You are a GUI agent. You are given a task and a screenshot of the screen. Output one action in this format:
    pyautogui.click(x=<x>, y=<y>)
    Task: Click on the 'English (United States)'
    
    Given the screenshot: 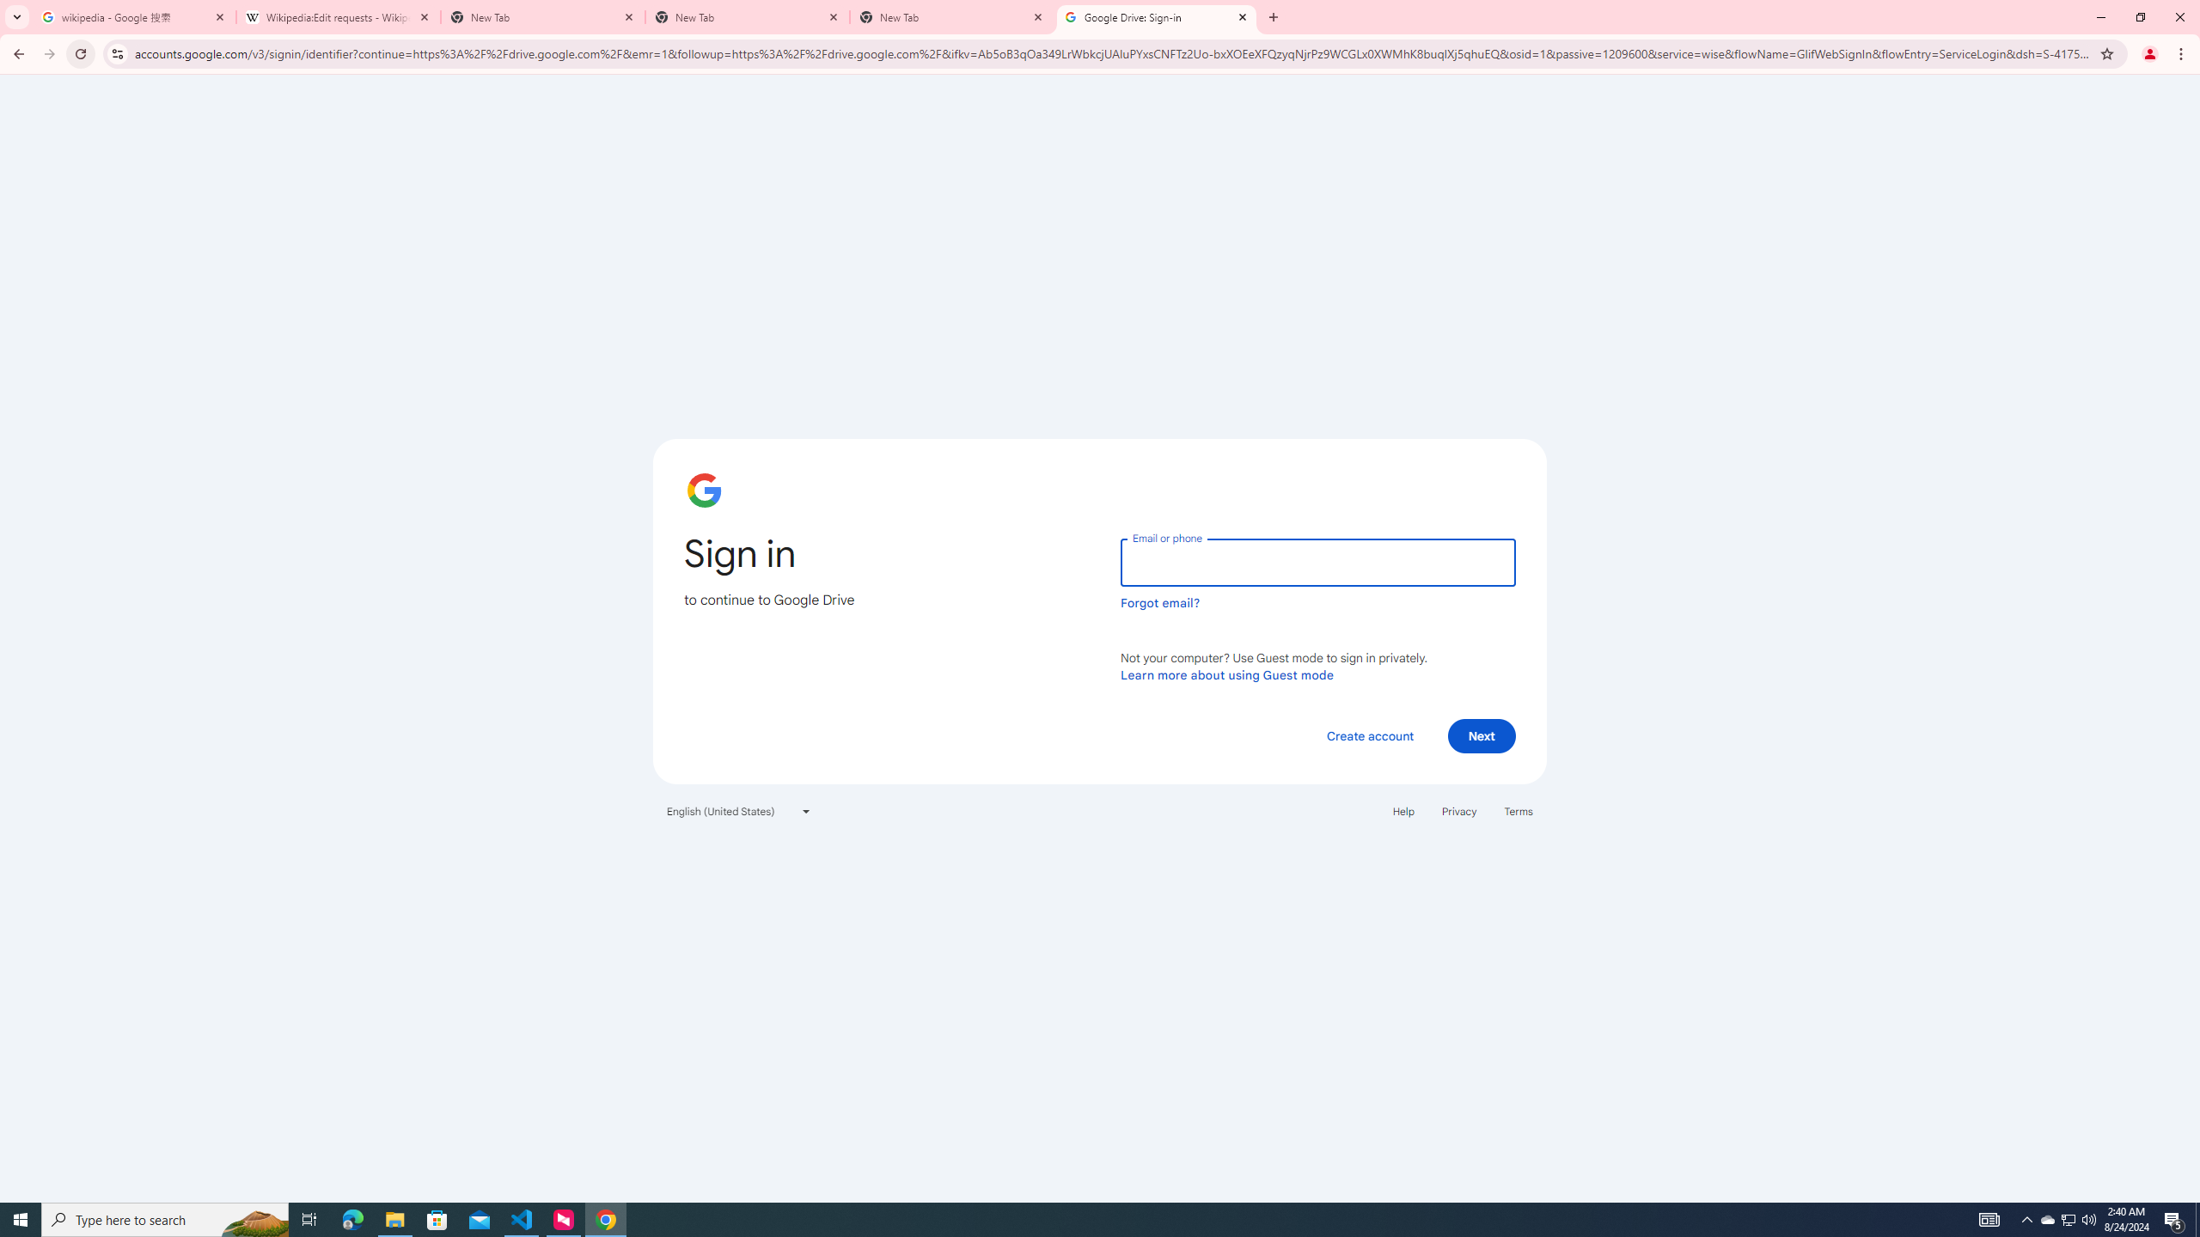 What is the action you would take?
    pyautogui.click(x=739, y=809)
    